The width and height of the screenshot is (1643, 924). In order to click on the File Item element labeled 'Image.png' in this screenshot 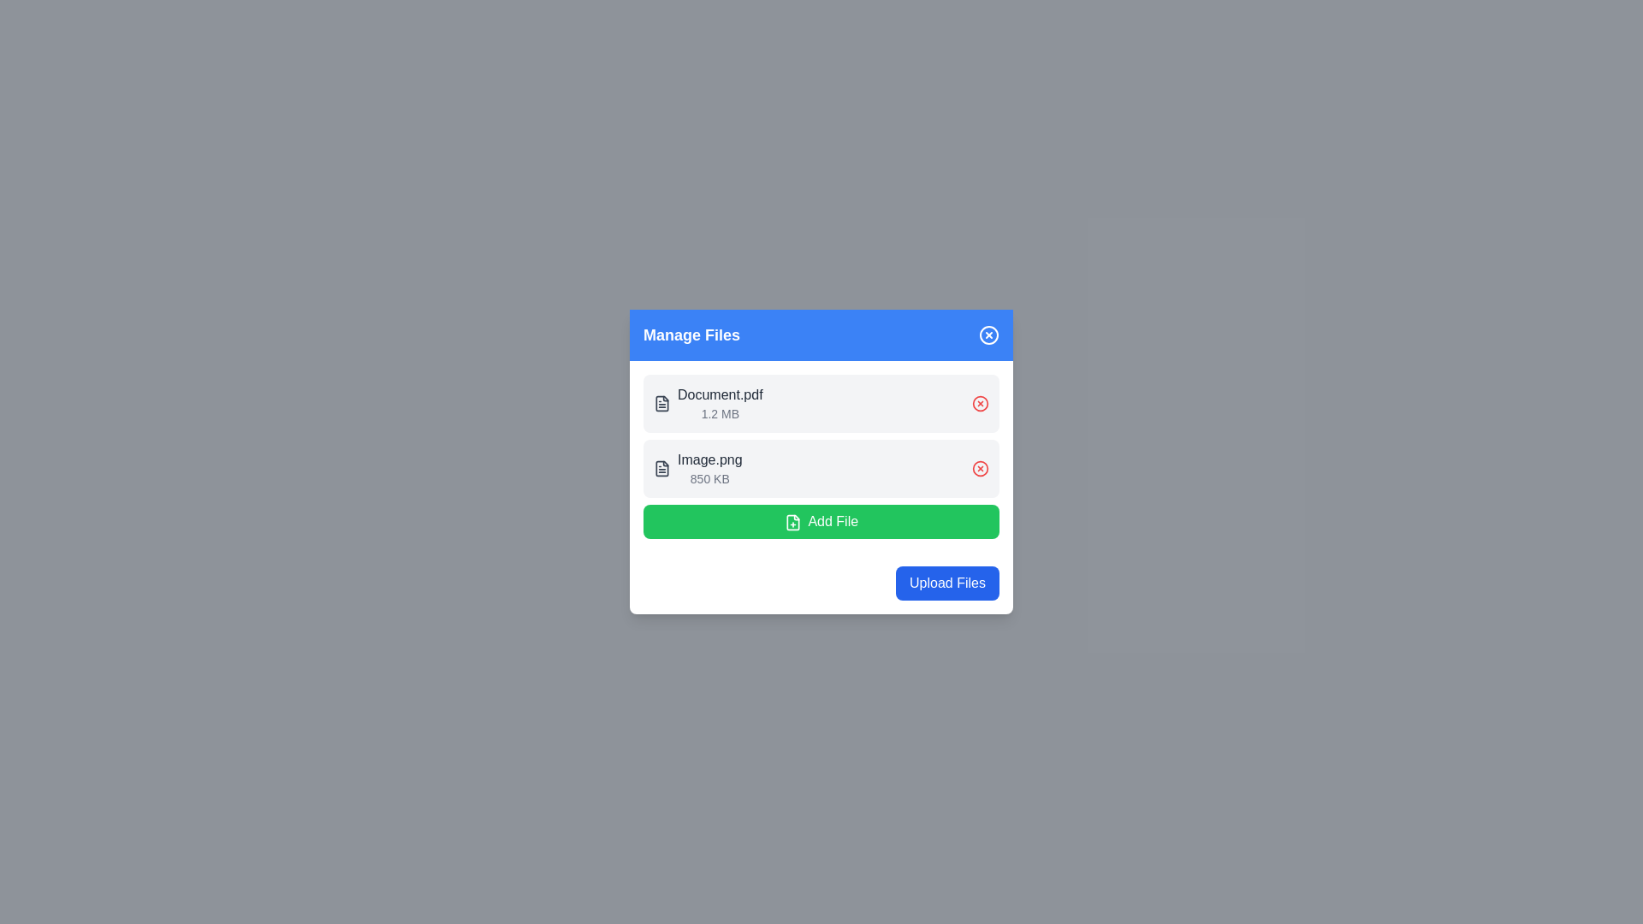, I will do `click(821, 462)`.